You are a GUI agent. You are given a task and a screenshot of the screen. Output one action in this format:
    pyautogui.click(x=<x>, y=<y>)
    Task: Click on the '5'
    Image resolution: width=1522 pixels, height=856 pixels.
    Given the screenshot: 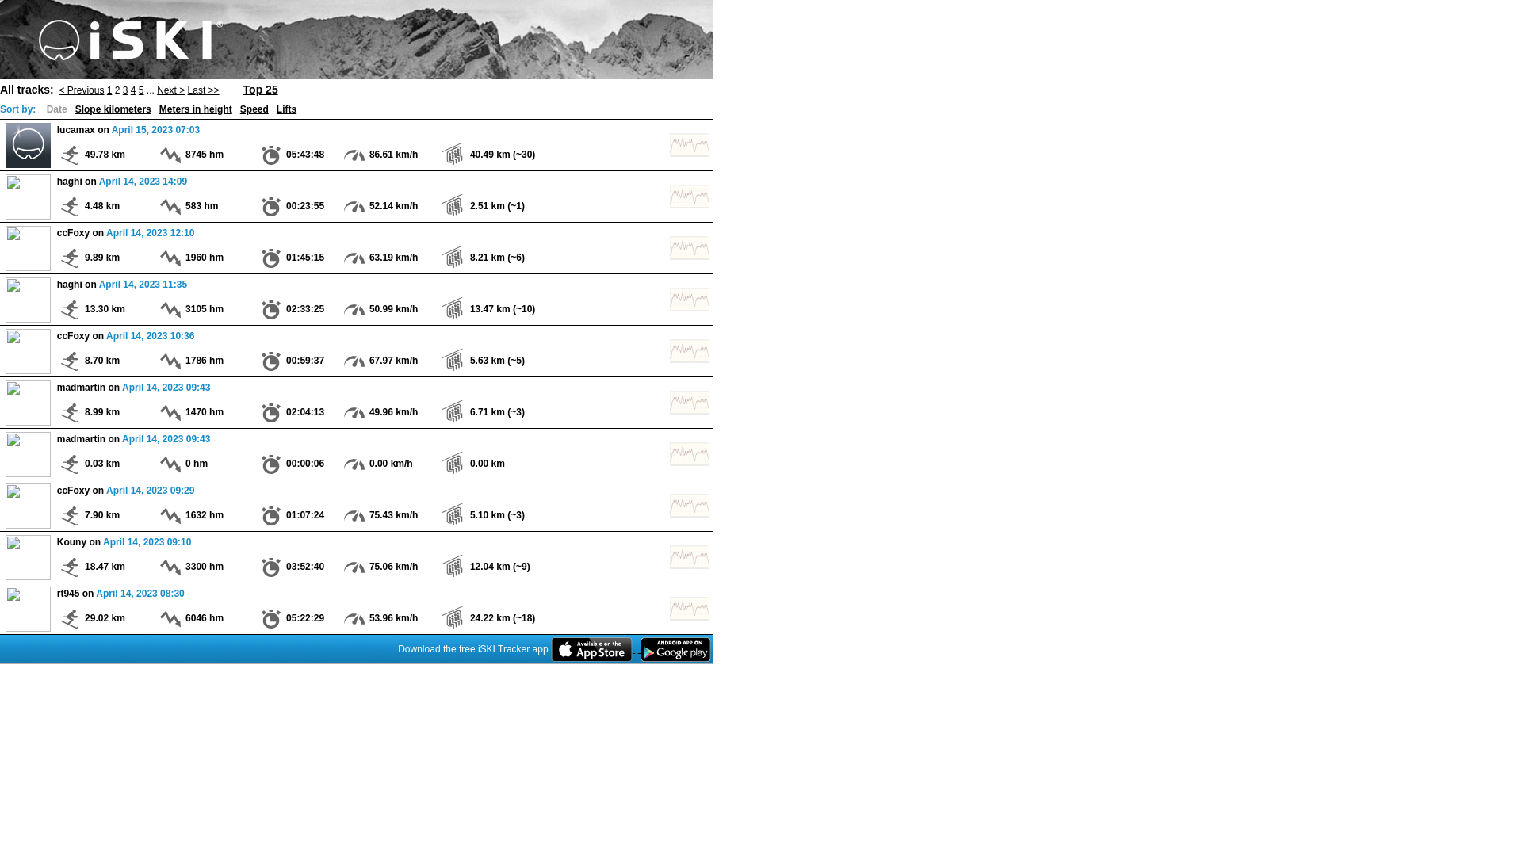 What is the action you would take?
    pyautogui.click(x=141, y=89)
    